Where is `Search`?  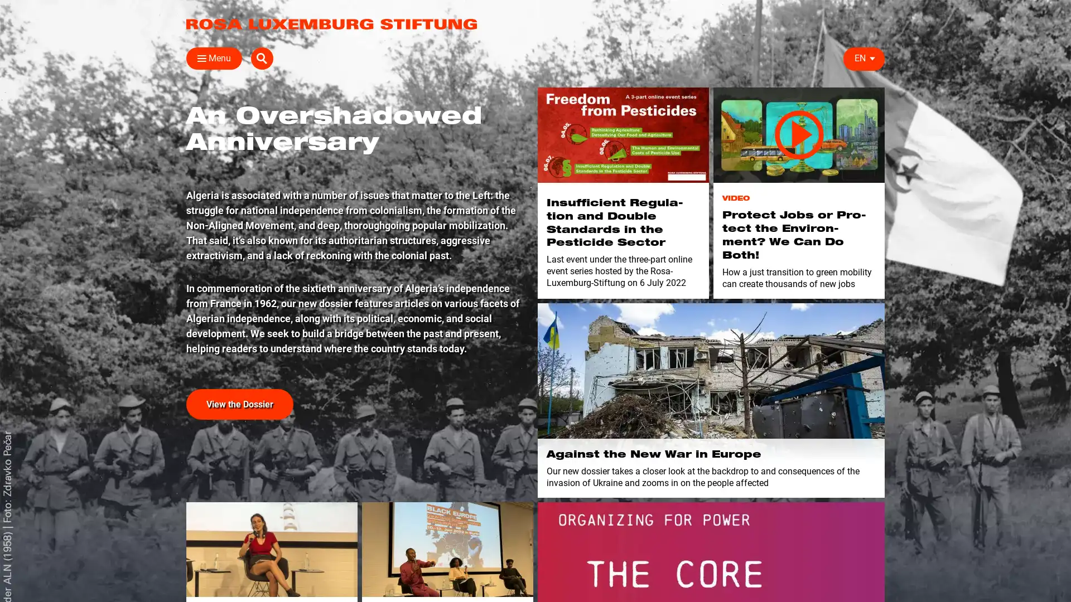 Search is located at coordinates (714, 84).